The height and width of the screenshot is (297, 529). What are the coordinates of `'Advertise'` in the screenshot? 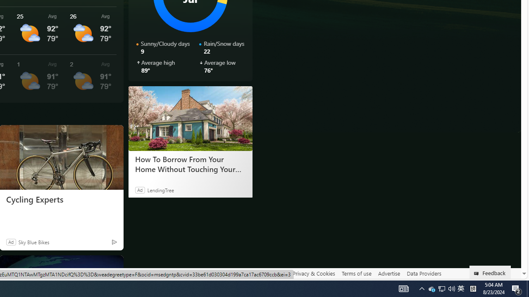 It's located at (388, 273).